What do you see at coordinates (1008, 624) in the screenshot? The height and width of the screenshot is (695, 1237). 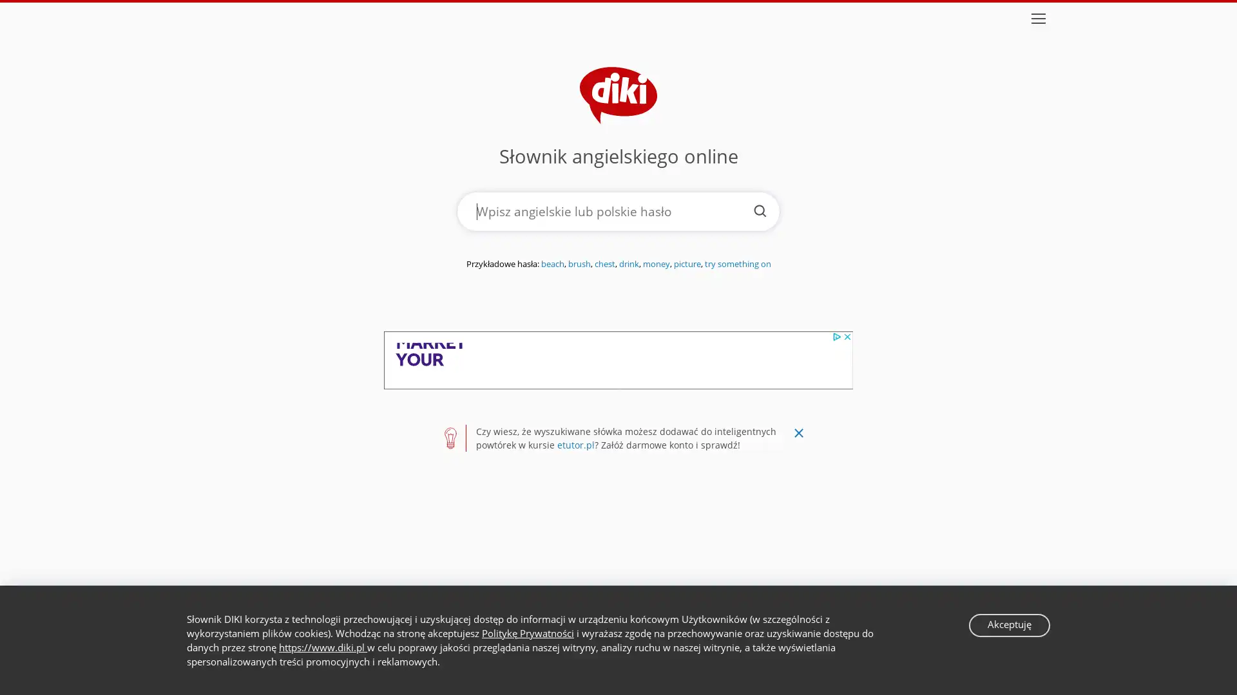 I see `Akceptuje` at bounding box center [1008, 624].